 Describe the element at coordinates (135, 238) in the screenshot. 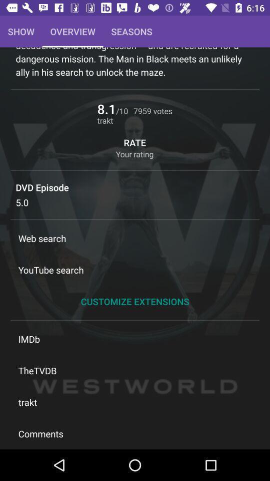

I see `item above the youtube search icon` at that location.